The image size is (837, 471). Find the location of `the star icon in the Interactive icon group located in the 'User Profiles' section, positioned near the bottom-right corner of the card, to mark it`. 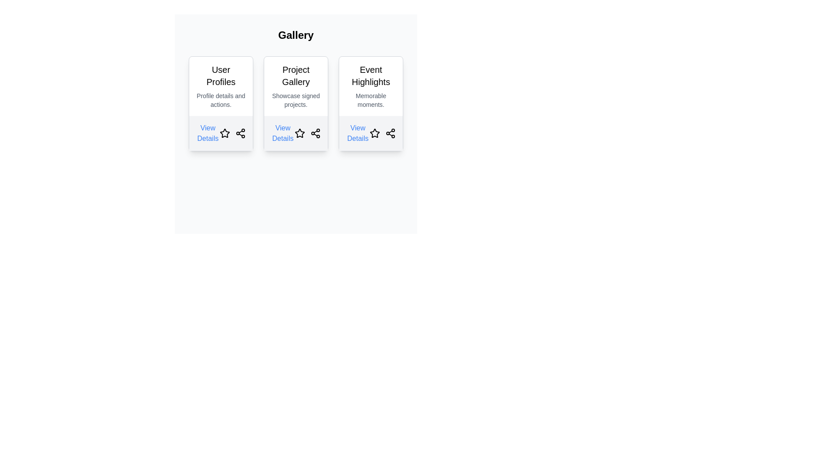

the star icon in the Interactive icon group located in the 'User Profiles' section, positioned near the bottom-right corner of the card, to mark it is located at coordinates (232, 133).